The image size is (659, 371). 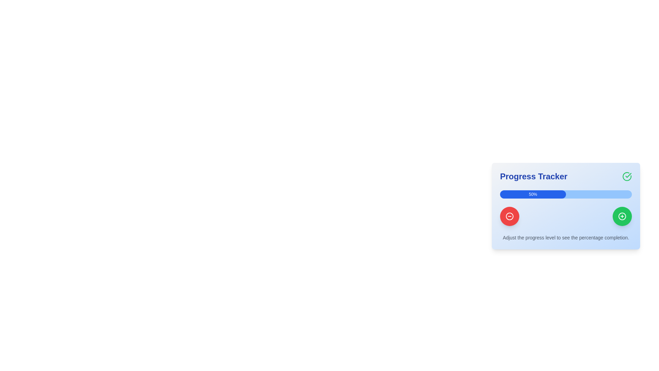 What do you see at coordinates (622, 216) in the screenshot?
I see `the green circular button located in the bottom-right region of the 'Progress Tracker' interface` at bounding box center [622, 216].